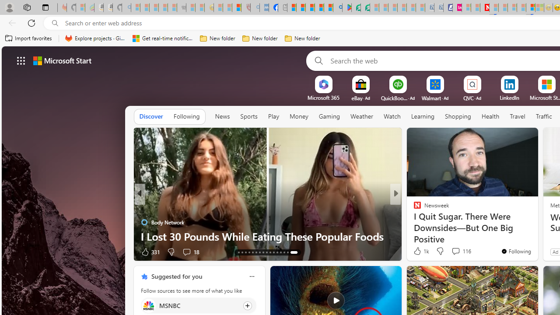 This screenshot has height=315, width=560. What do you see at coordinates (461, 251) in the screenshot?
I see `'View comments 116 Comment'` at bounding box center [461, 251].